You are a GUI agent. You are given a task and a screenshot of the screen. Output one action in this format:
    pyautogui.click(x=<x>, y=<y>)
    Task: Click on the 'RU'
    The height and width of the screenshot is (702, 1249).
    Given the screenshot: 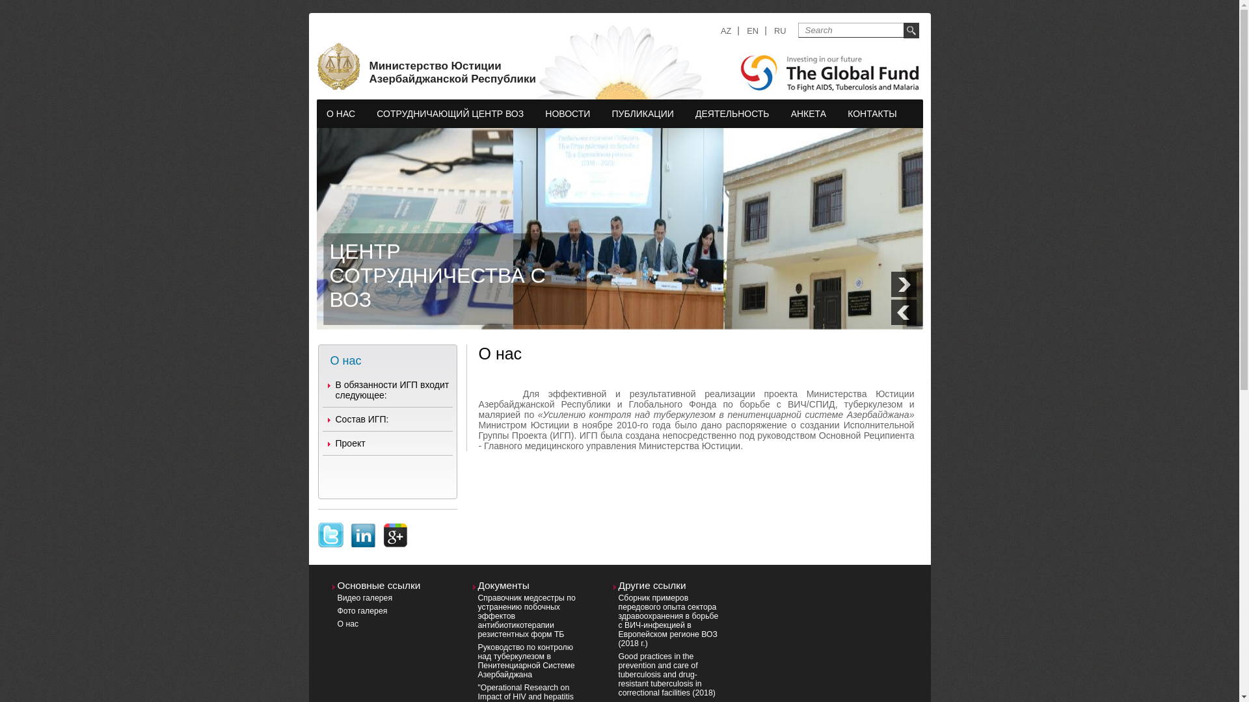 What is the action you would take?
    pyautogui.click(x=780, y=30)
    